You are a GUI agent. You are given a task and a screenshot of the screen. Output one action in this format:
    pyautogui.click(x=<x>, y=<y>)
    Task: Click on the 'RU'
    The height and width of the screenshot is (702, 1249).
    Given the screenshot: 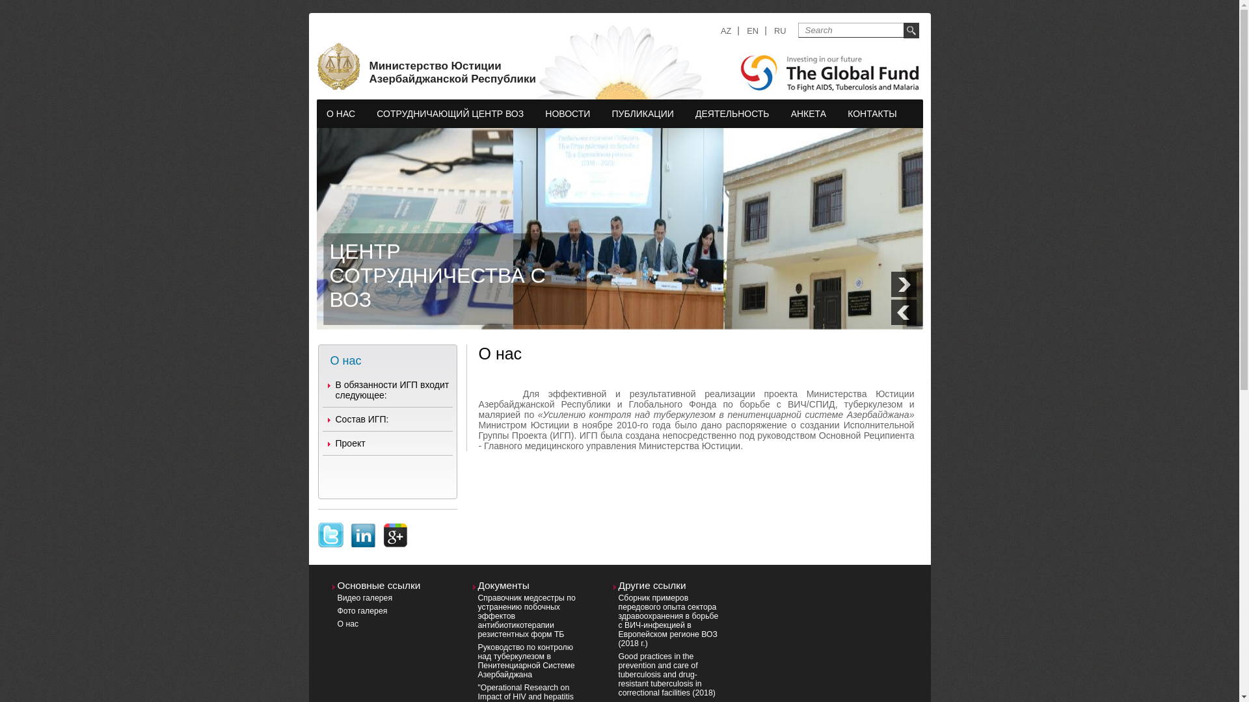 What is the action you would take?
    pyautogui.click(x=780, y=30)
    